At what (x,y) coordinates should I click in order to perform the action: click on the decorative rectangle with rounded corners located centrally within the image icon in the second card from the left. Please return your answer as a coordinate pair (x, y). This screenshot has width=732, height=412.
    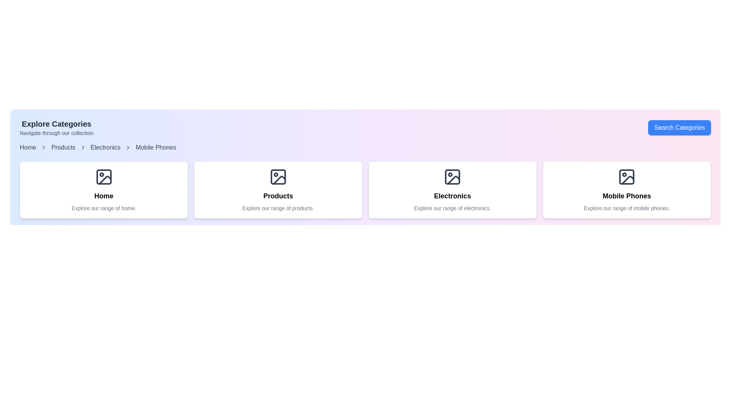
    Looking at the image, I should click on (278, 177).